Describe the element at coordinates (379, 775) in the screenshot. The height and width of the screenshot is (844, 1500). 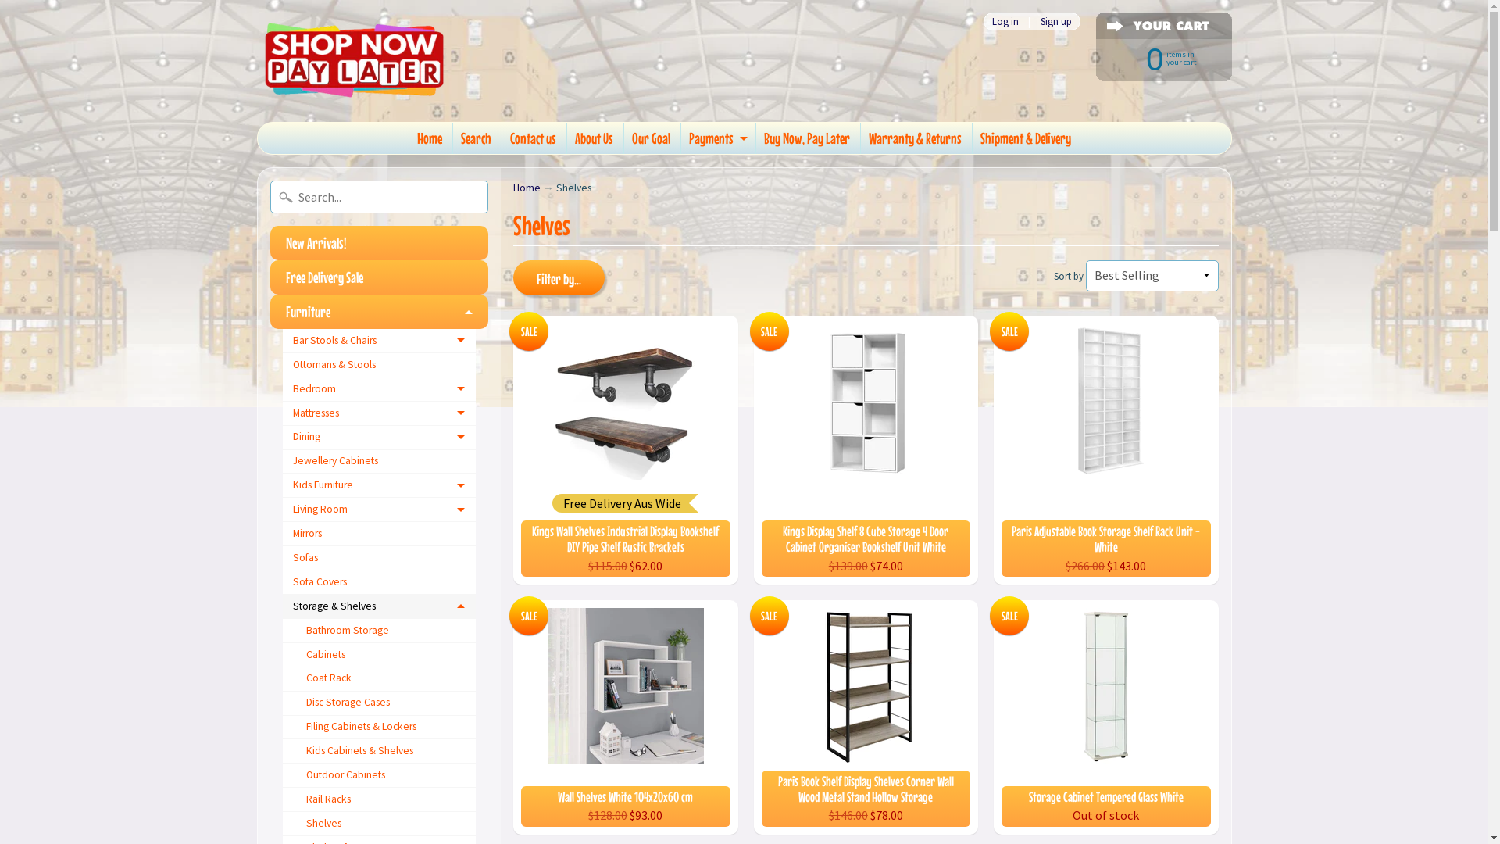
I see `'Outdoor Cabinets'` at that location.